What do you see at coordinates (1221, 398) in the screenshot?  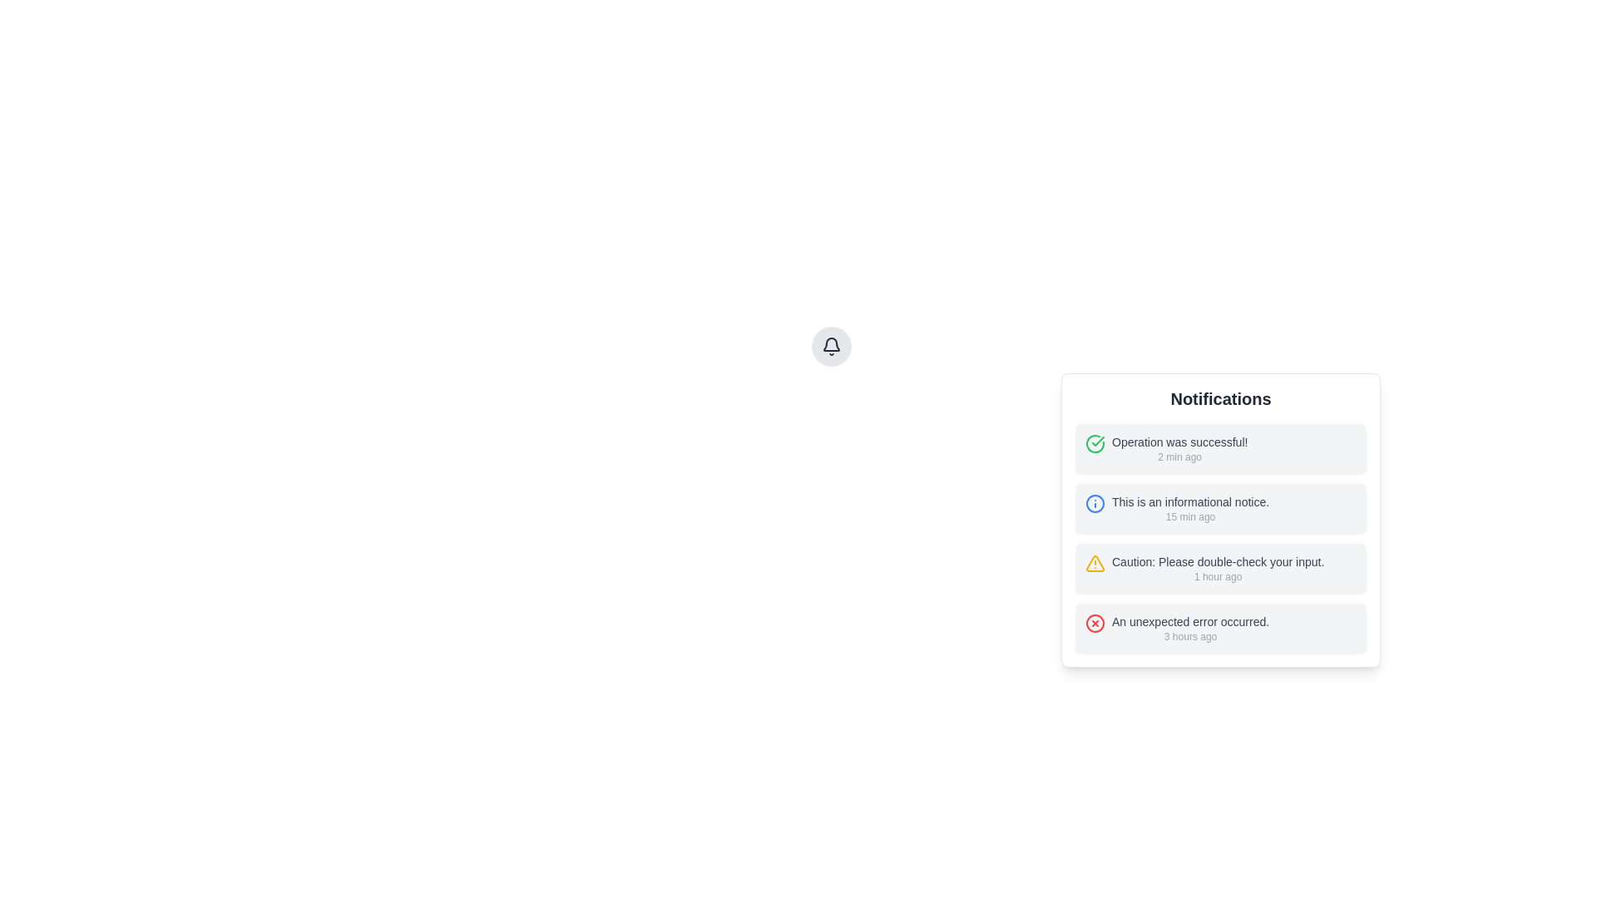 I see `the Text label that serves as the title of the notification panel, located at the top above the list of notification messages` at bounding box center [1221, 398].